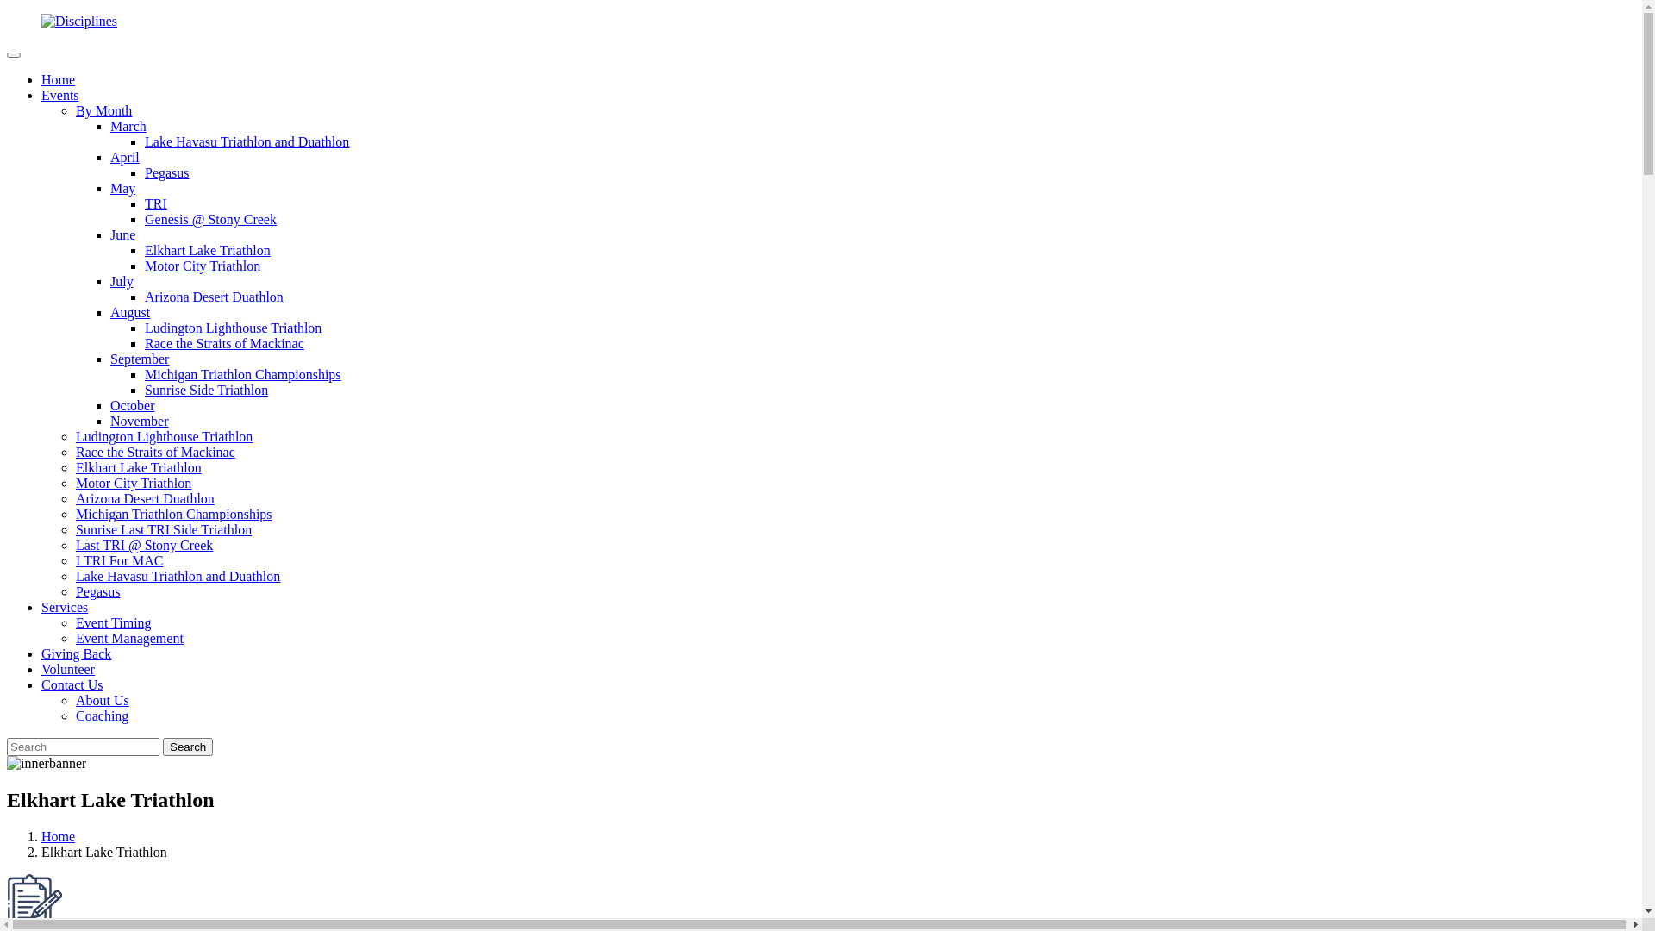 Image resolution: width=1655 pixels, height=931 pixels. I want to click on 'Contact Us', so click(71, 684).